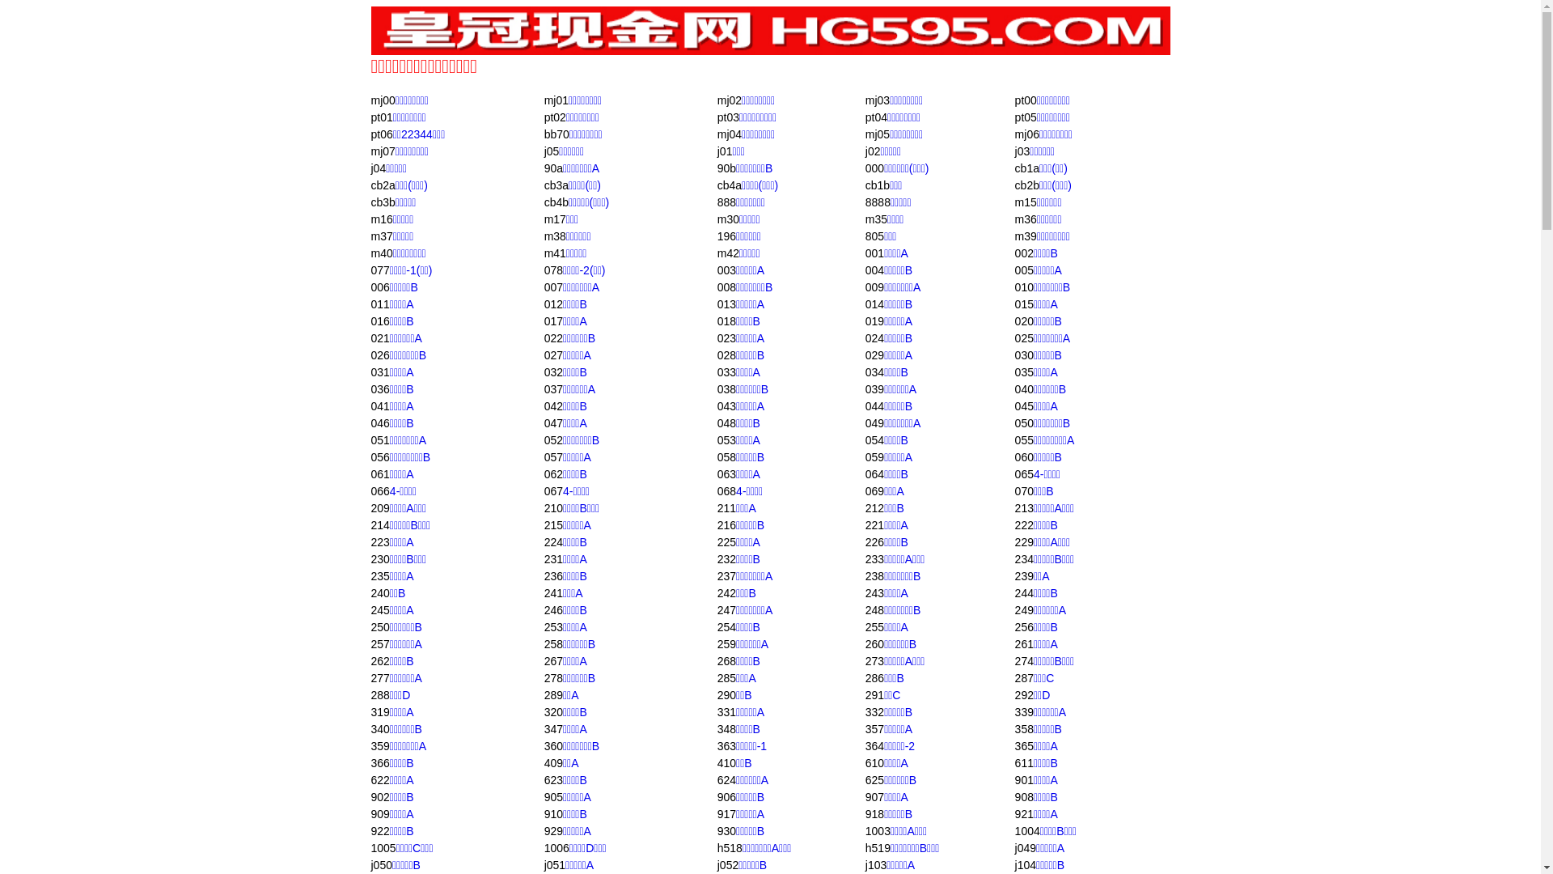  What do you see at coordinates (380, 133) in the screenshot?
I see `'pt06'` at bounding box center [380, 133].